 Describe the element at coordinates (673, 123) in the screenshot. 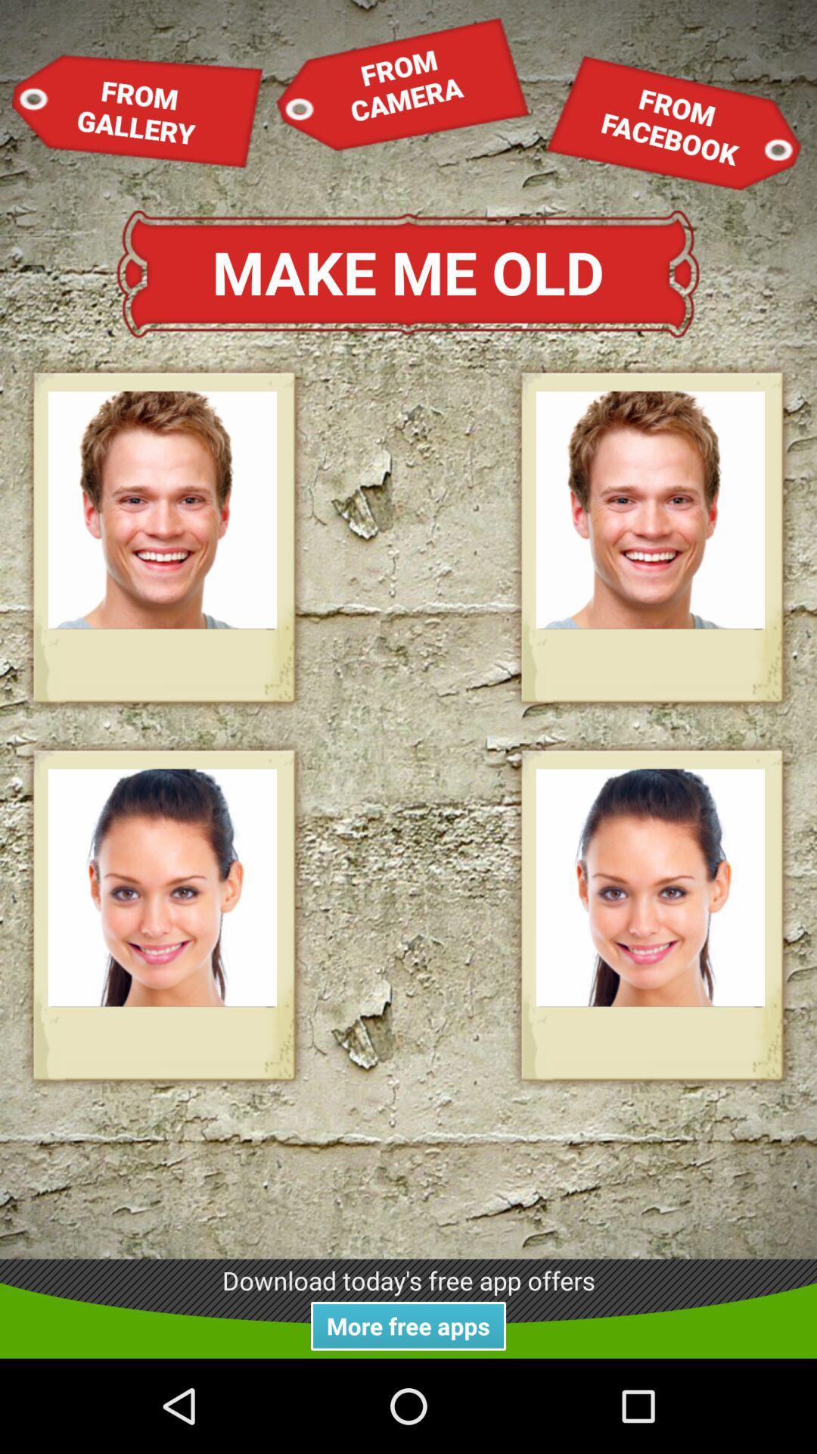

I see `item to the right of the from` at that location.